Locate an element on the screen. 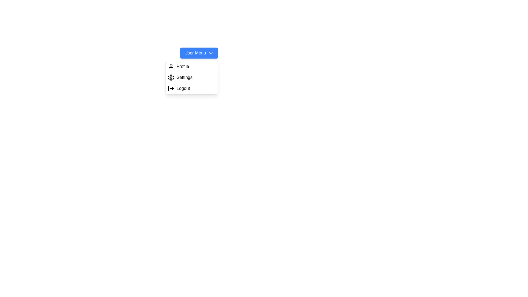 This screenshot has height=297, width=528. the user silhouette icon representing a profile action, which is located on the left side of the 'Profile' menu item in the dropdown menu is located at coordinates (171, 66).